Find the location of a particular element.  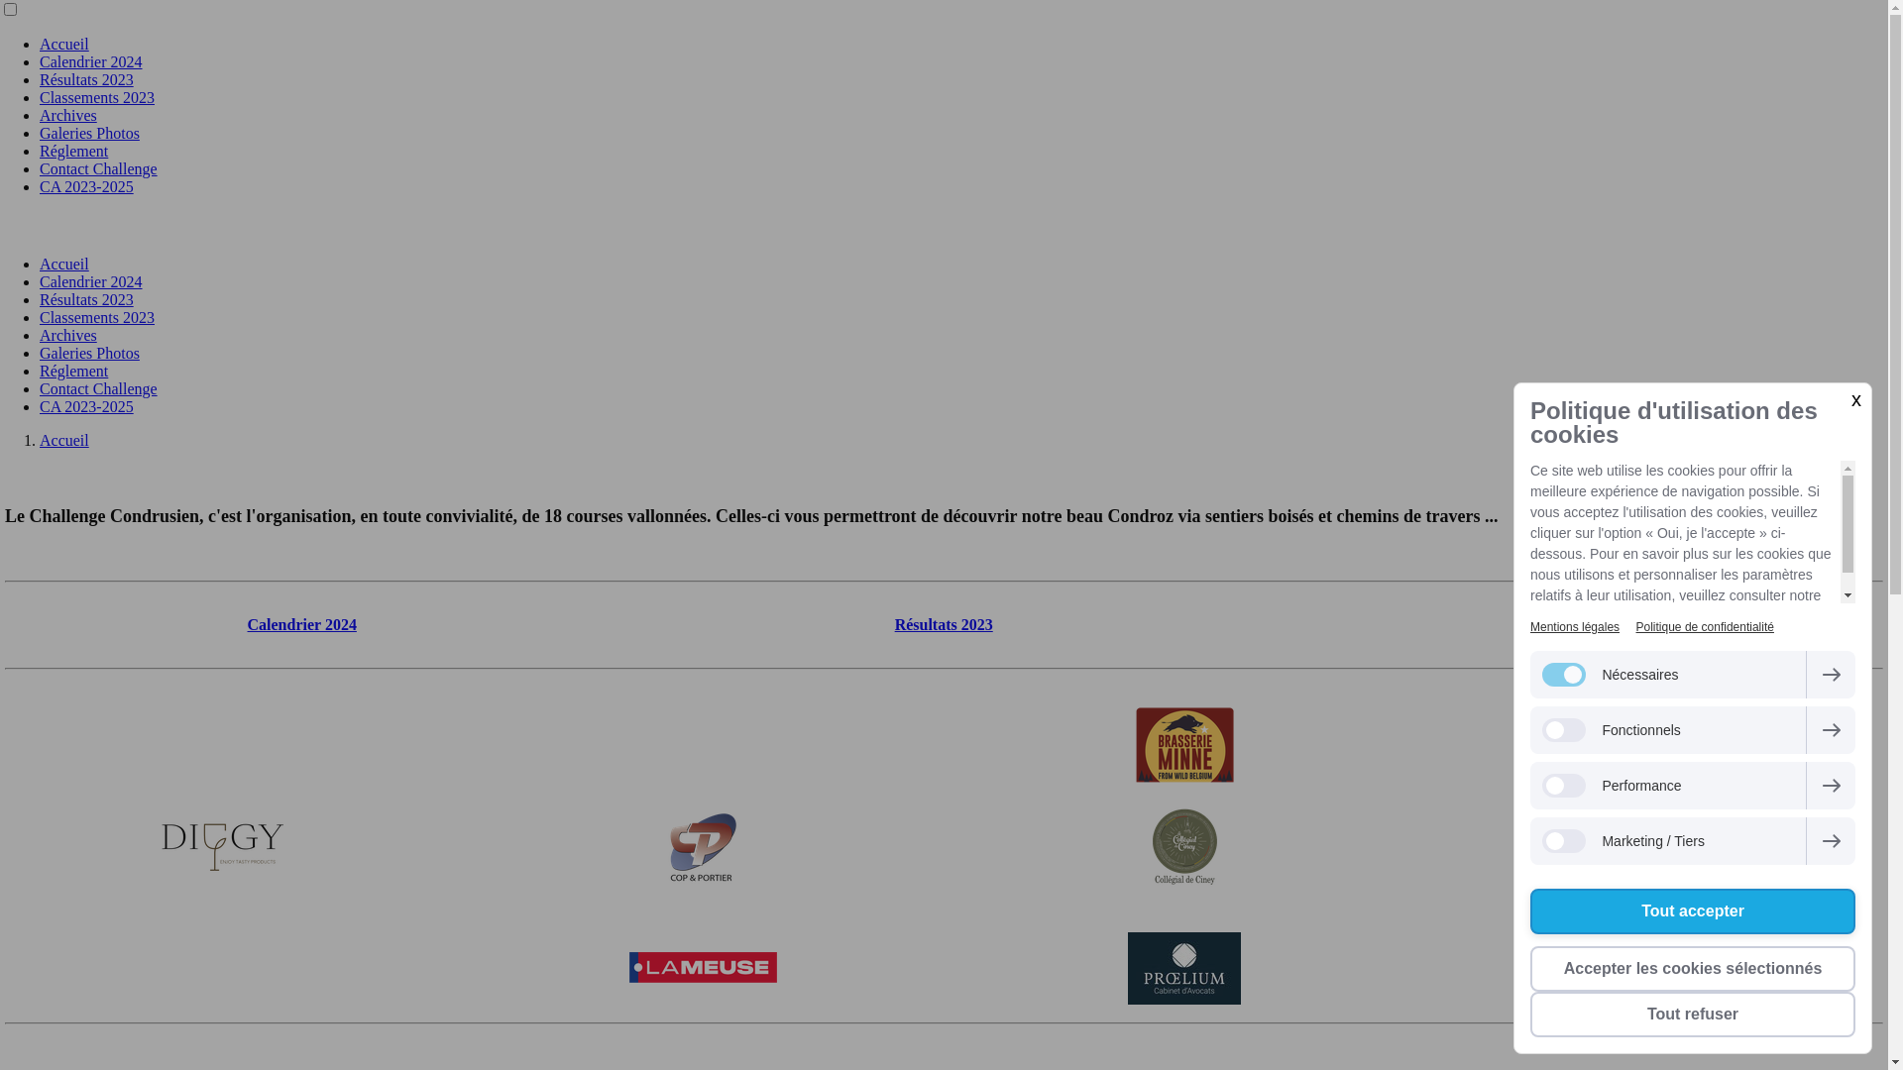

'CA 2023-2025' is located at coordinates (39, 405).